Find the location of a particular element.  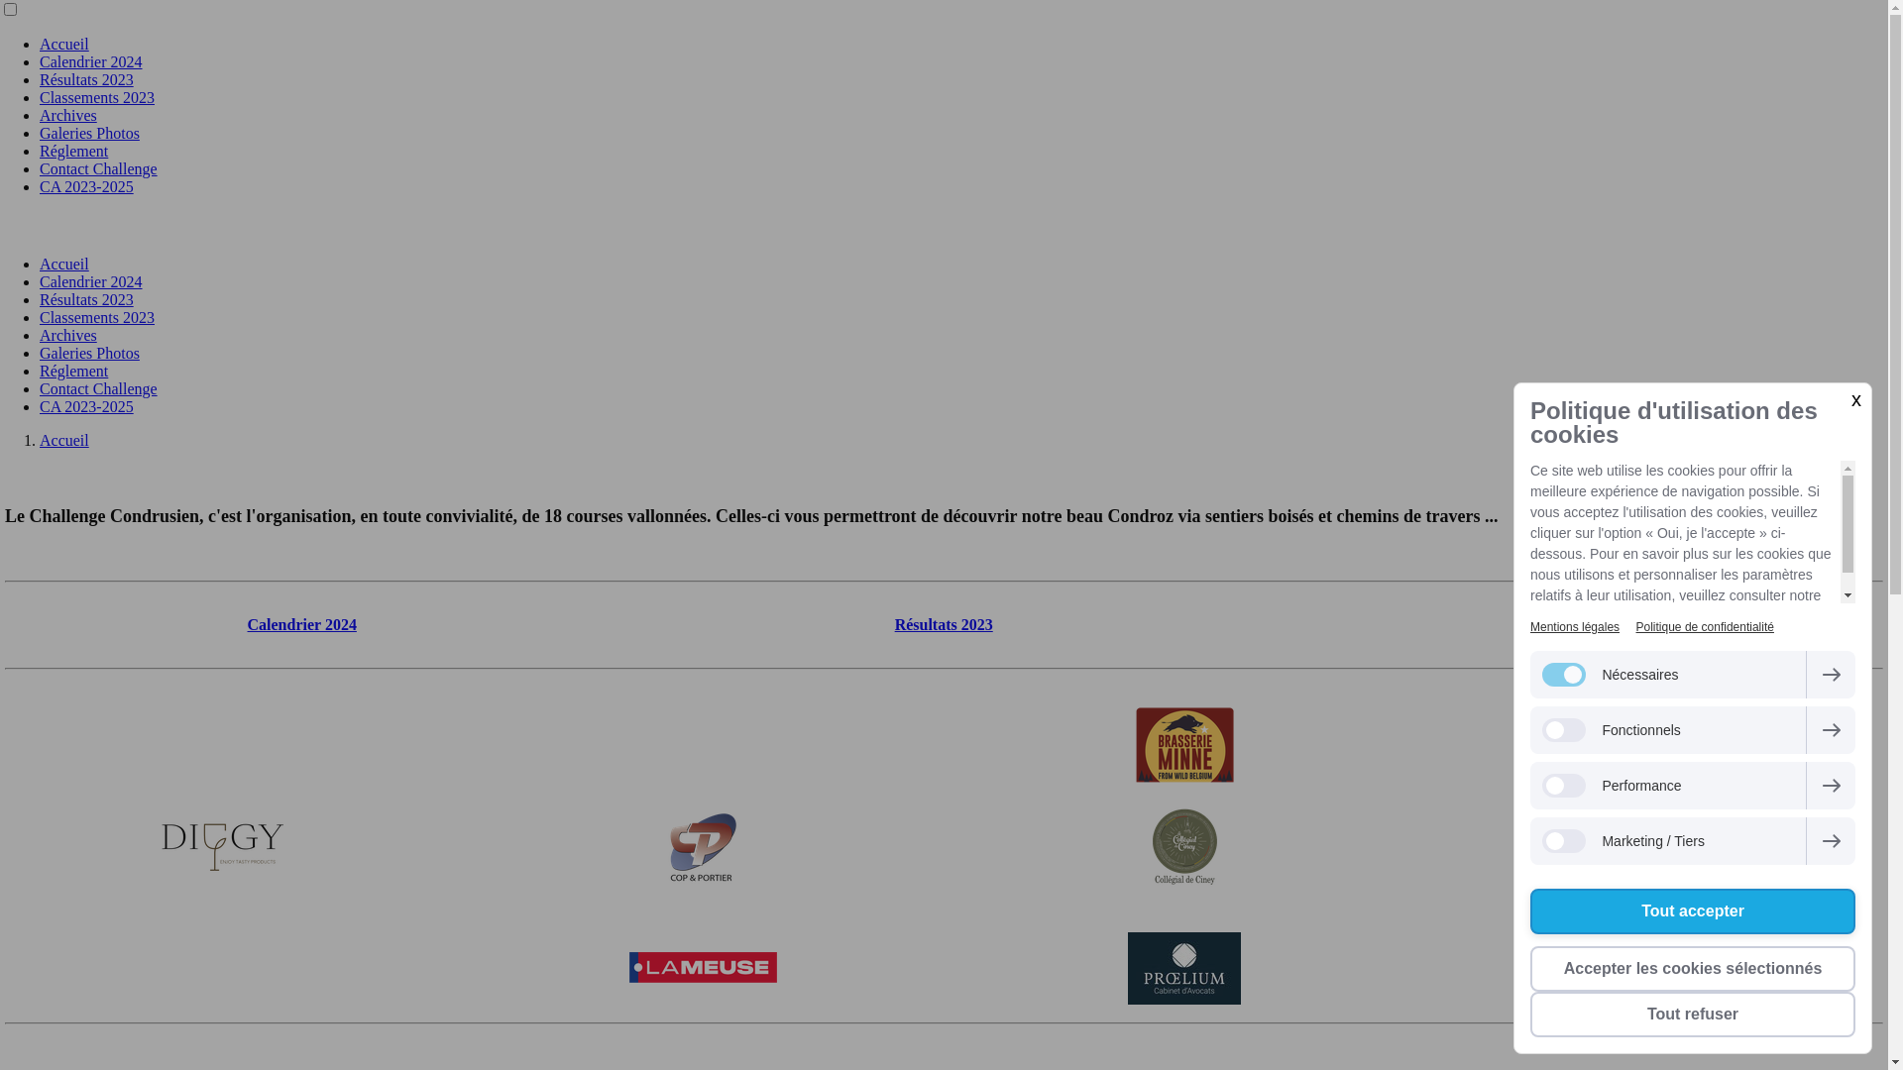

'CA 2023-2025' is located at coordinates (39, 405).